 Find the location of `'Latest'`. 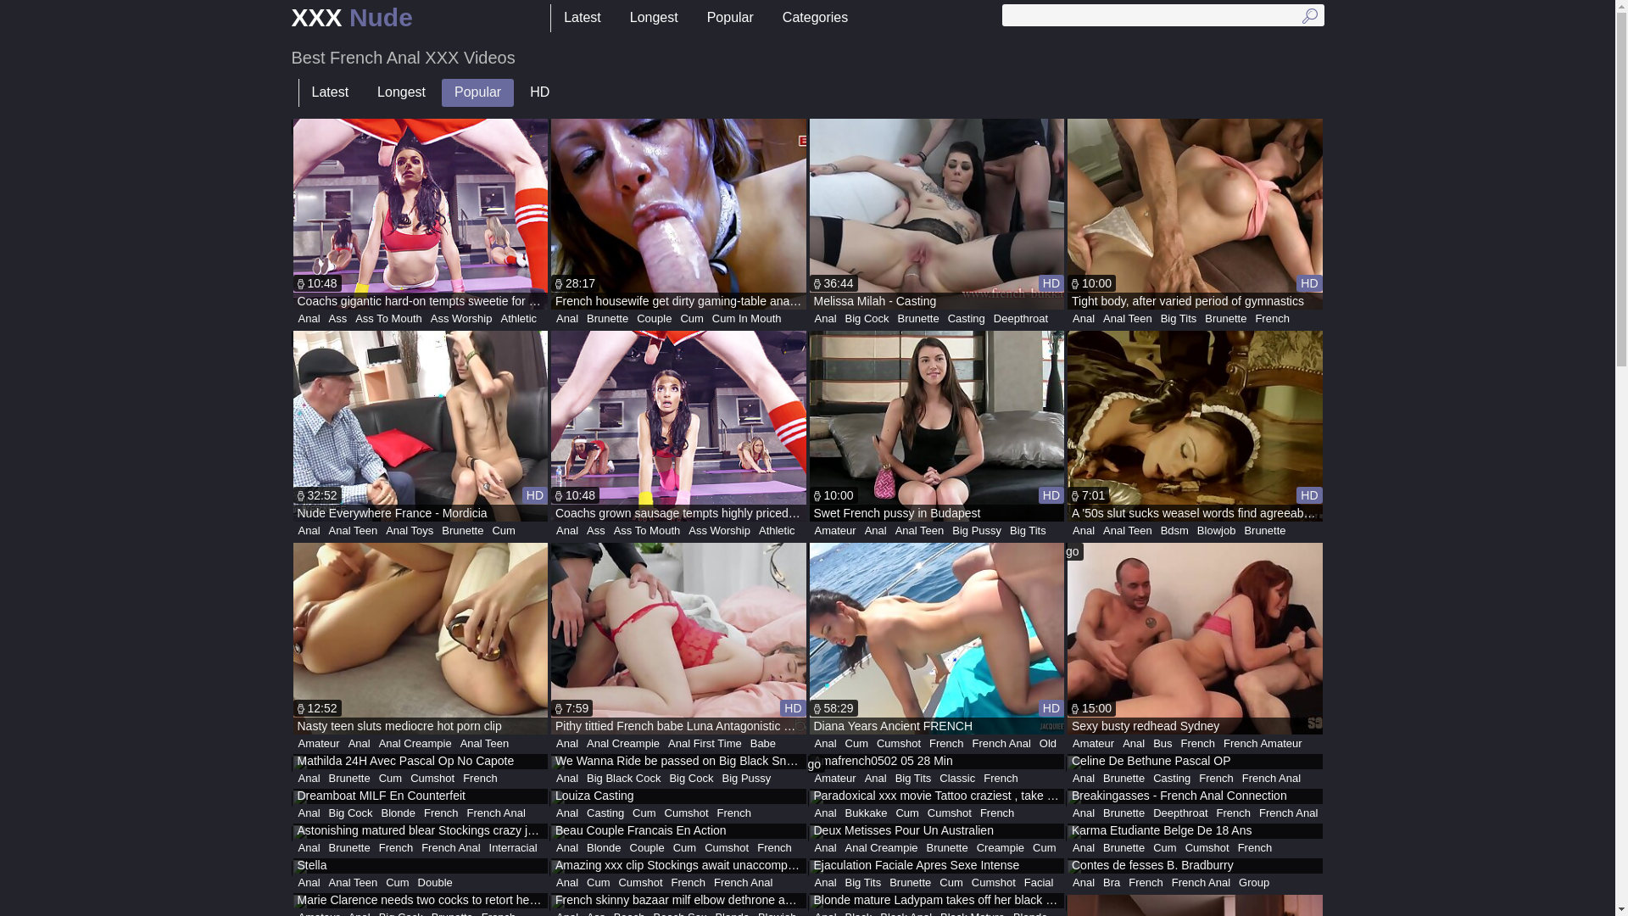

'Latest' is located at coordinates (329, 92).